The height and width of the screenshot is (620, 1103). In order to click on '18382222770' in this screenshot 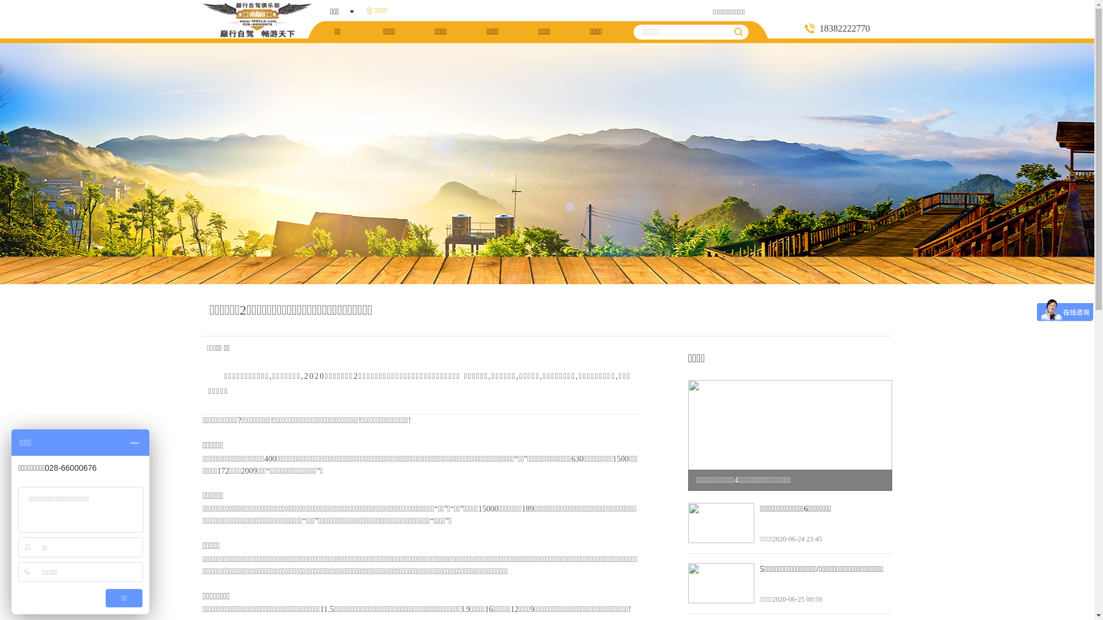, I will do `click(848, 28)`.